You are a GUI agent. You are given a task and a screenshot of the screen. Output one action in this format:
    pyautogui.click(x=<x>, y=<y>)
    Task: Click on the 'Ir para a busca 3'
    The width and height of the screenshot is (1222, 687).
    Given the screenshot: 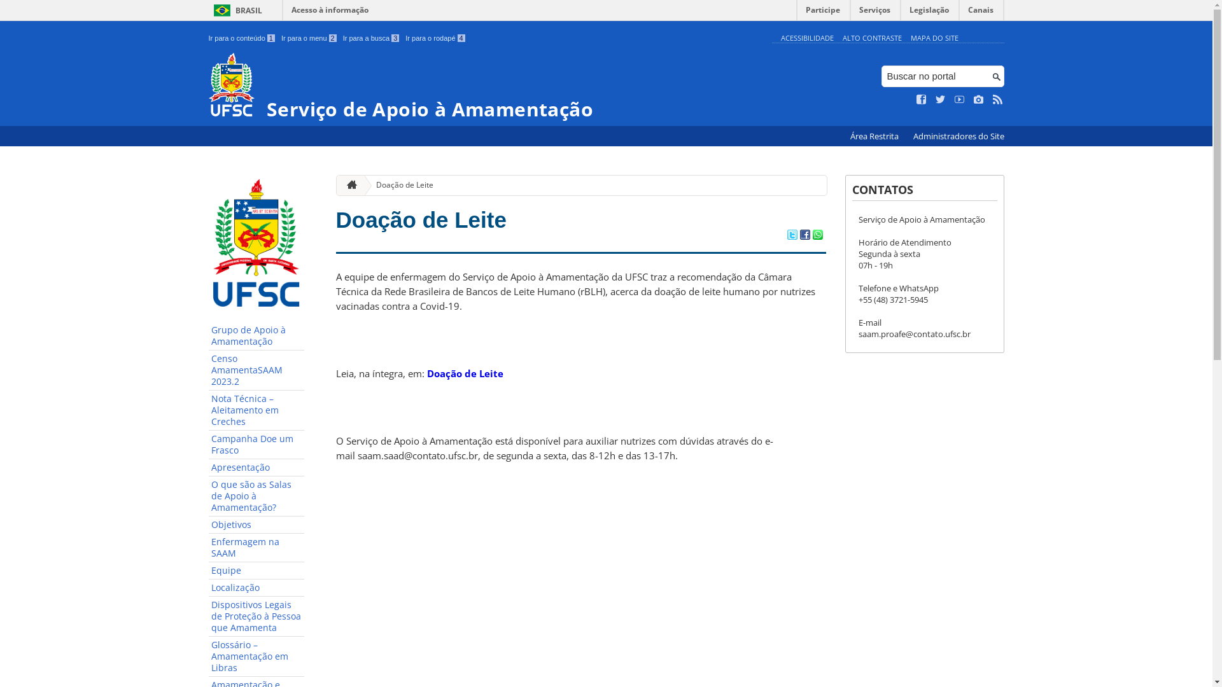 What is the action you would take?
    pyautogui.click(x=370, y=38)
    